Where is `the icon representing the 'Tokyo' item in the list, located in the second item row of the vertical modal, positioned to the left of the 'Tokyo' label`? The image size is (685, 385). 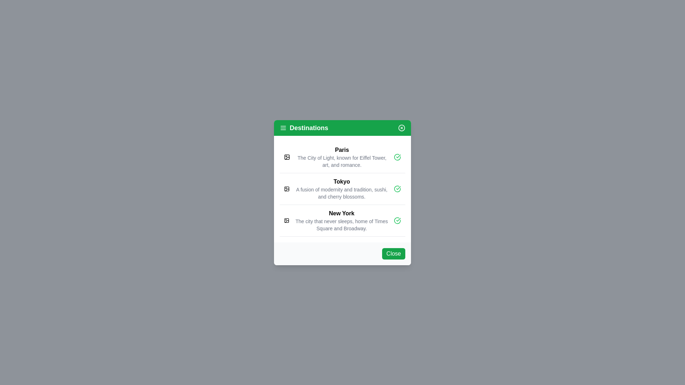
the icon representing the 'Tokyo' item in the list, located in the second item row of the vertical modal, positioned to the left of the 'Tokyo' label is located at coordinates (286, 188).